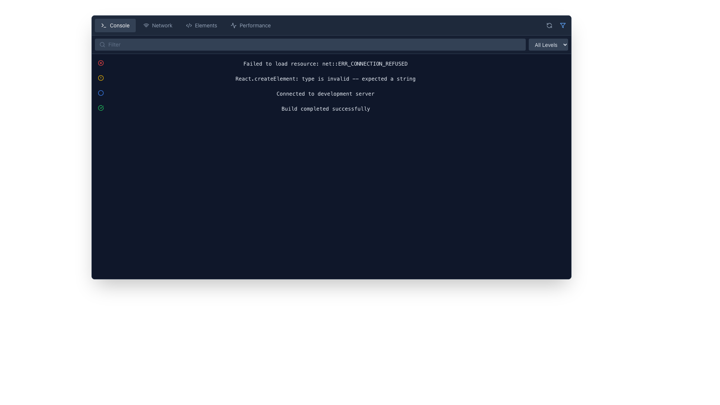  What do you see at coordinates (186, 25) in the screenshot?
I see `the 'Elements' tab in the horizontal menu located at the top of the interface, positioned between the 'Network' and 'Performance' tabs` at bounding box center [186, 25].